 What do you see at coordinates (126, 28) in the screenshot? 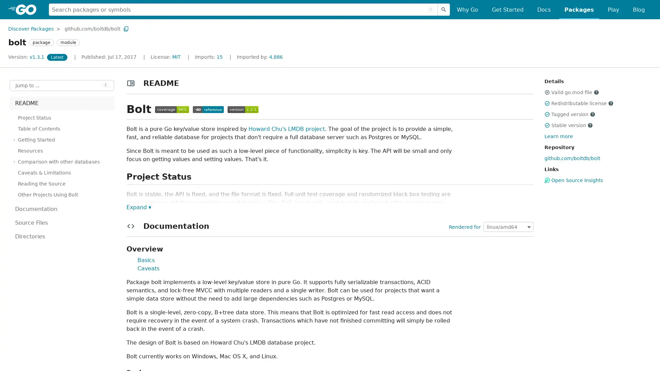
I see `Copy Path to Clipboard` at bounding box center [126, 28].